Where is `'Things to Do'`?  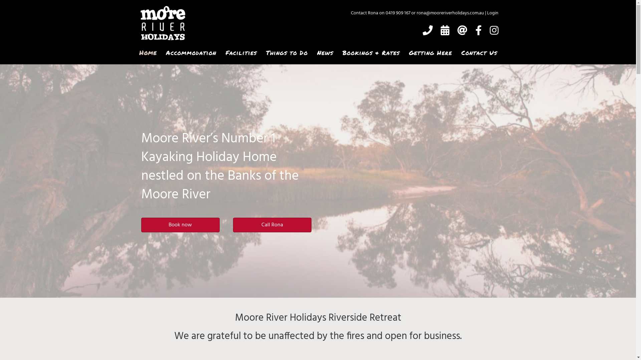 'Things to Do' is located at coordinates (287, 52).